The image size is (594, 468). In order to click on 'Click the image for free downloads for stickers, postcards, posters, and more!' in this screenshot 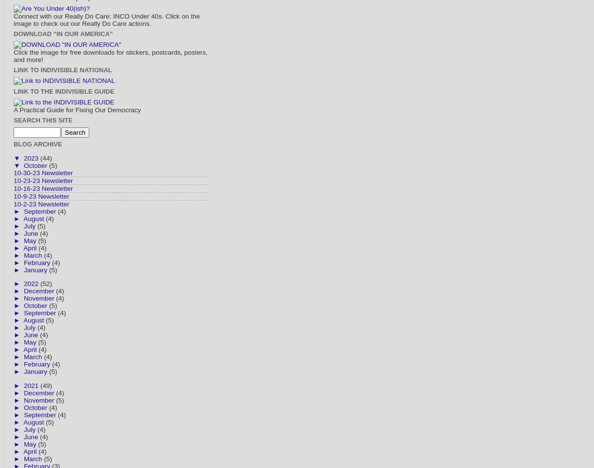, I will do `click(110, 56)`.